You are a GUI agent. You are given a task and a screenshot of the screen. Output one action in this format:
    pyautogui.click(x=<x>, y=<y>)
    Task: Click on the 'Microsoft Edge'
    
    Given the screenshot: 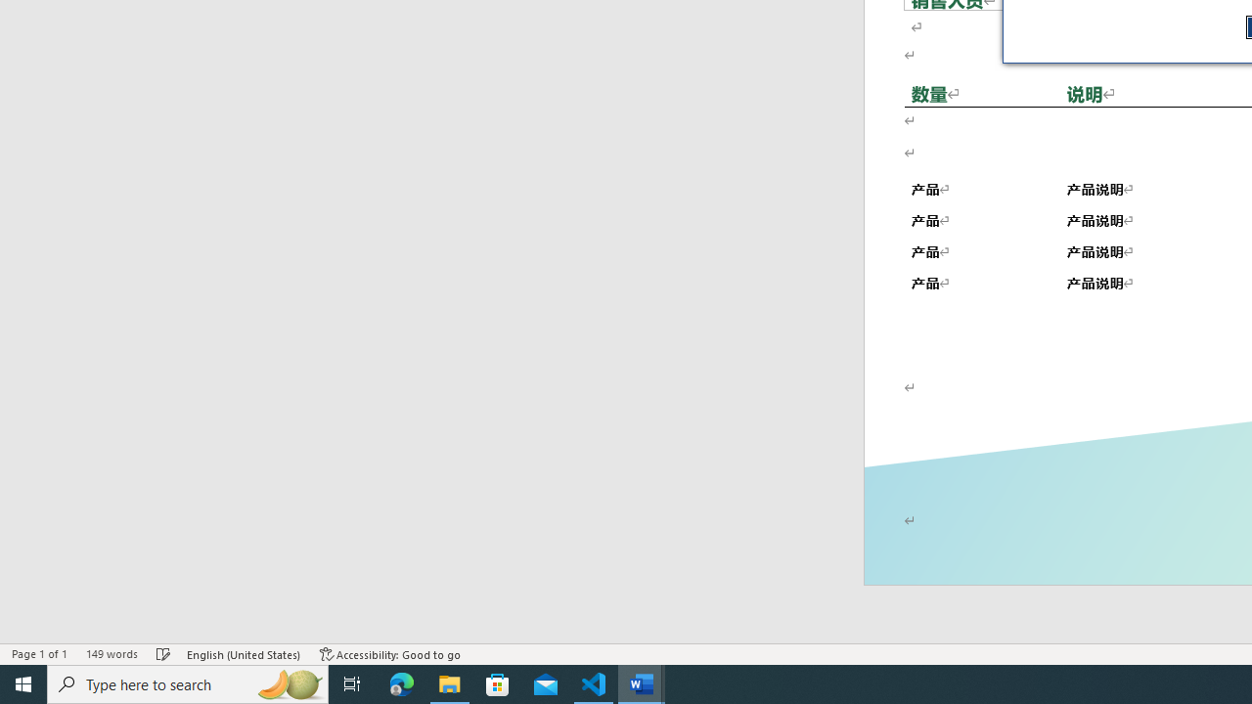 What is the action you would take?
    pyautogui.click(x=401, y=682)
    